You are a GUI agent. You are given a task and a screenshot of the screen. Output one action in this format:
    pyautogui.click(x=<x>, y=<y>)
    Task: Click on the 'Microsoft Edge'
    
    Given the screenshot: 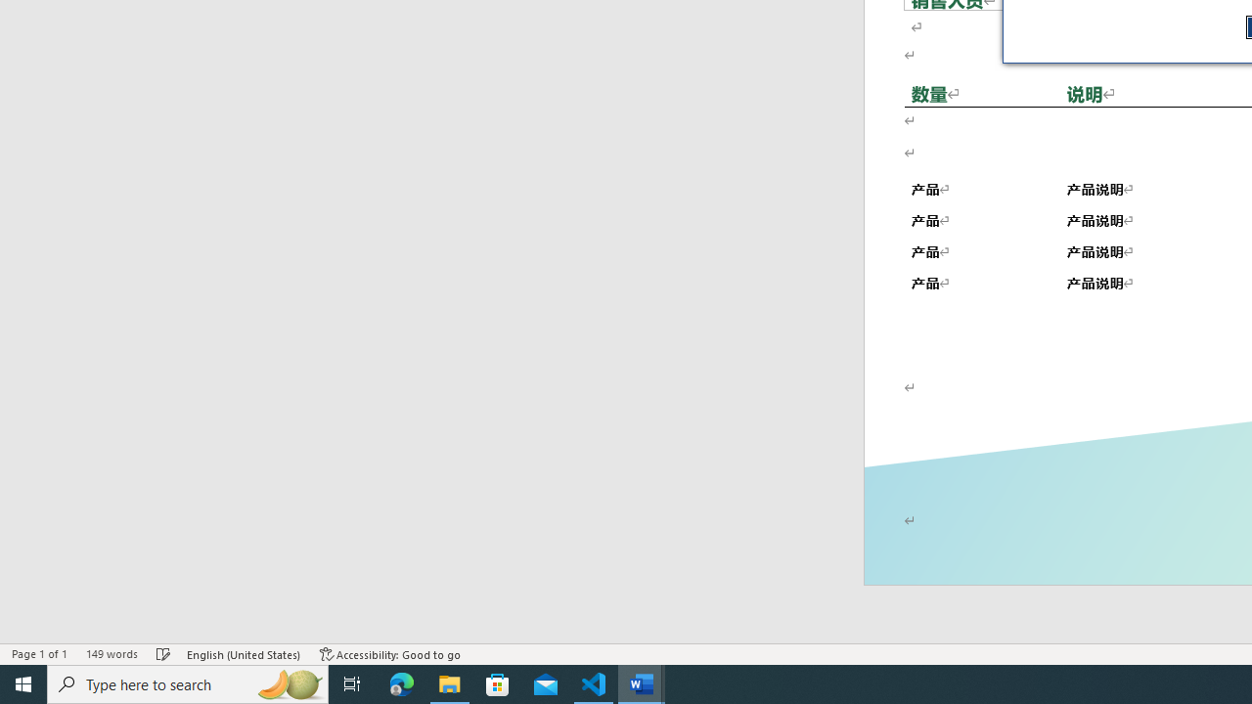 What is the action you would take?
    pyautogui.click(x=401, y=682)
    